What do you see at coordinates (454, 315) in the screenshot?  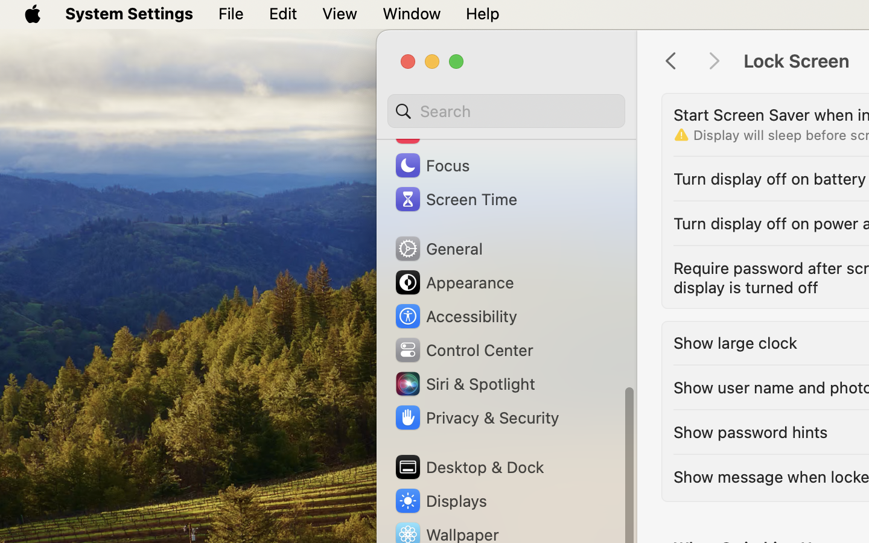 I see `'Accessibility'` at bounding box center [454, 315].